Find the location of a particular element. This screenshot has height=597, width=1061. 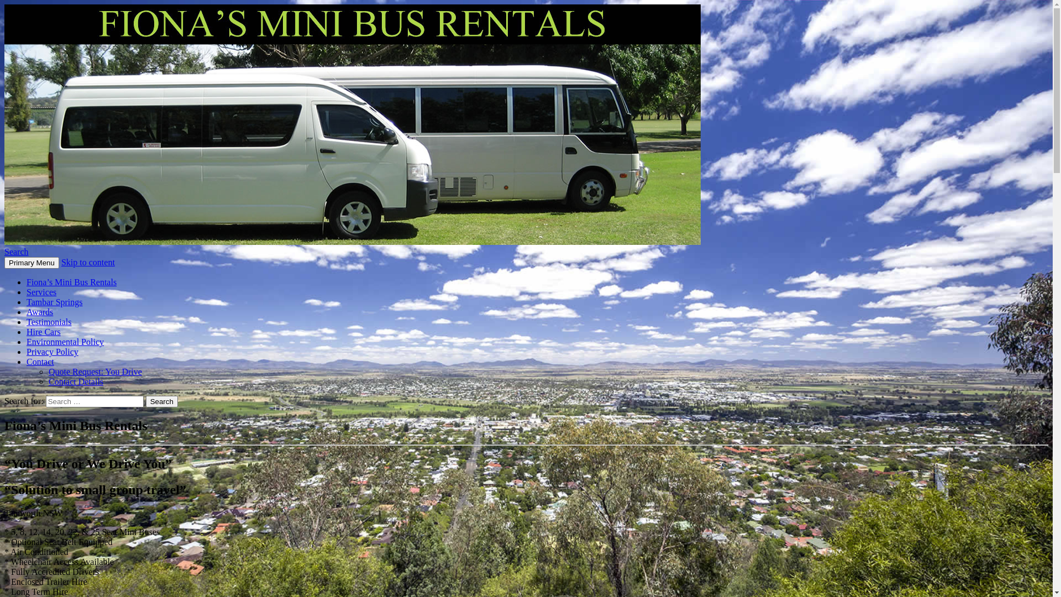

'Services' is located at coordinates (27, 291).